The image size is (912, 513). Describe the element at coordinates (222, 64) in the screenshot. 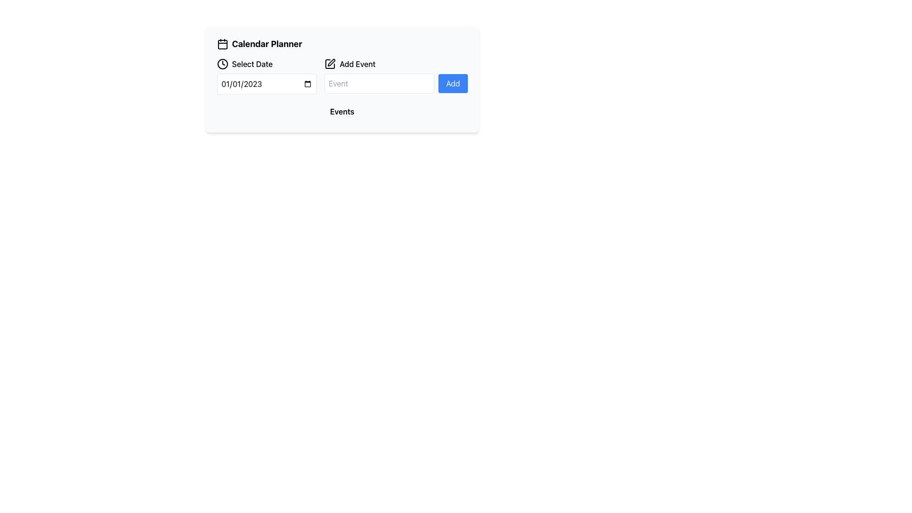

I see `the clock icon located to the left of the 'Select Date' text in the calendar planner widget` at that location.